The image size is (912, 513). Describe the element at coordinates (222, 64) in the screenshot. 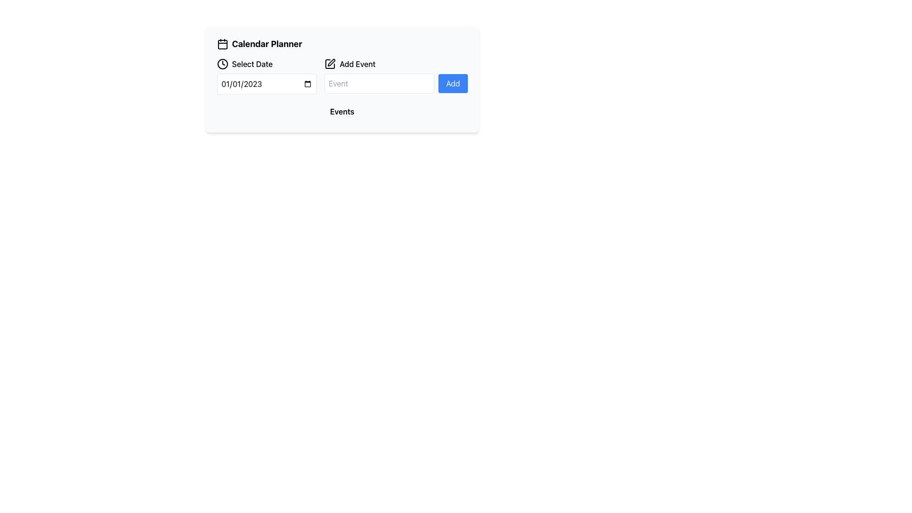

I see `the clock icon located to the left of the 'Select Date' text in the calendar planner widget` at that location.